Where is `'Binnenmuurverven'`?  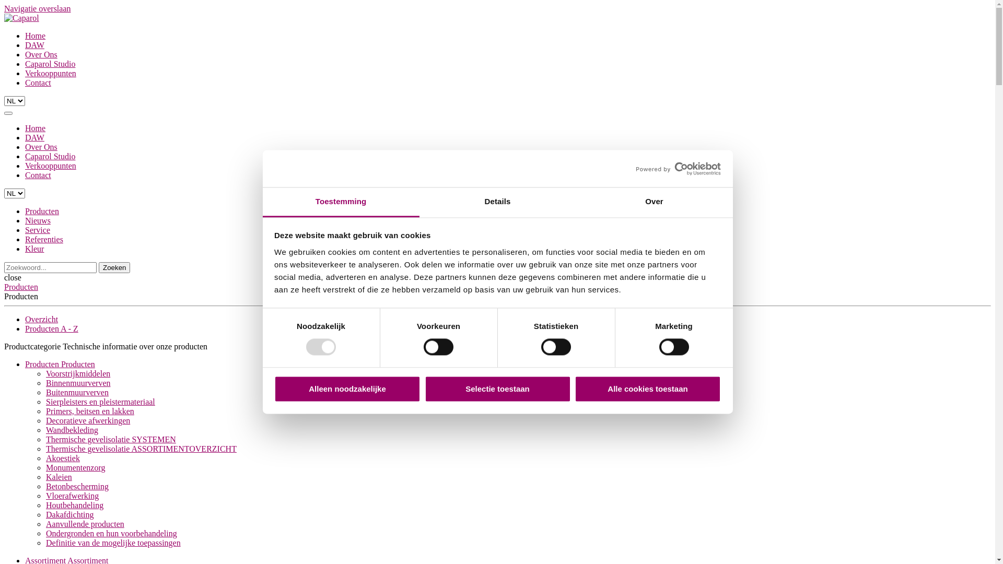 'Binnenmuurverven' is located at coordinates (77, 383).